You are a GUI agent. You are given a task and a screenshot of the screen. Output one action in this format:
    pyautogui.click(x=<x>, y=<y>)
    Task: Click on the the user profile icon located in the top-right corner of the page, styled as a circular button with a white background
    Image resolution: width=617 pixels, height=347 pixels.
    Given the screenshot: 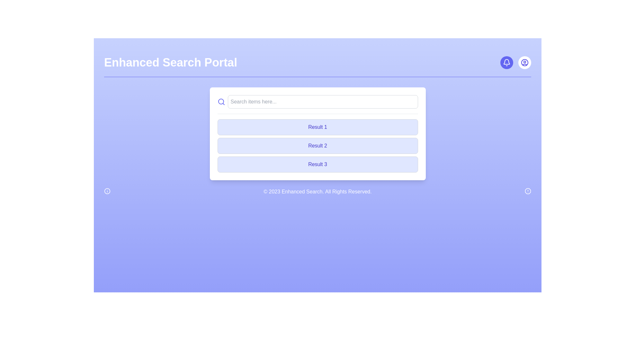 What is the action you would take?
    pyautogui.click(x=524, y=63)
    